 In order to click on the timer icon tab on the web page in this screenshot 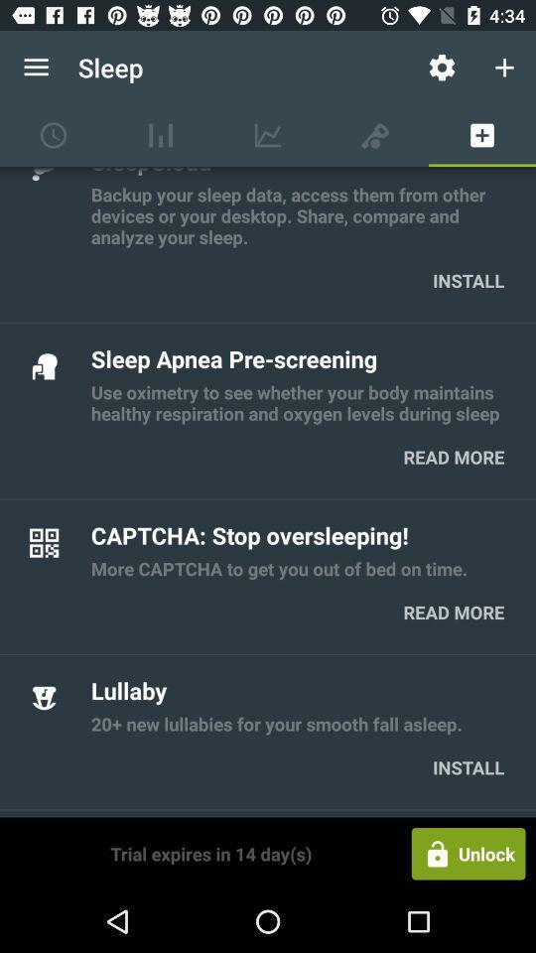, I will do `click(54, 134)`.